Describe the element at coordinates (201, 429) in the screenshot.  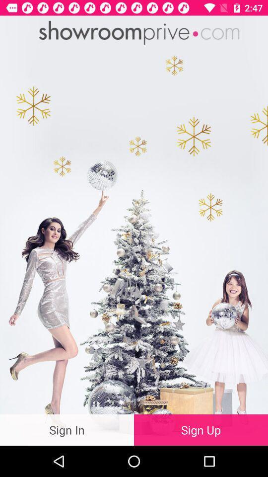
I see `the sign up item` at that location.